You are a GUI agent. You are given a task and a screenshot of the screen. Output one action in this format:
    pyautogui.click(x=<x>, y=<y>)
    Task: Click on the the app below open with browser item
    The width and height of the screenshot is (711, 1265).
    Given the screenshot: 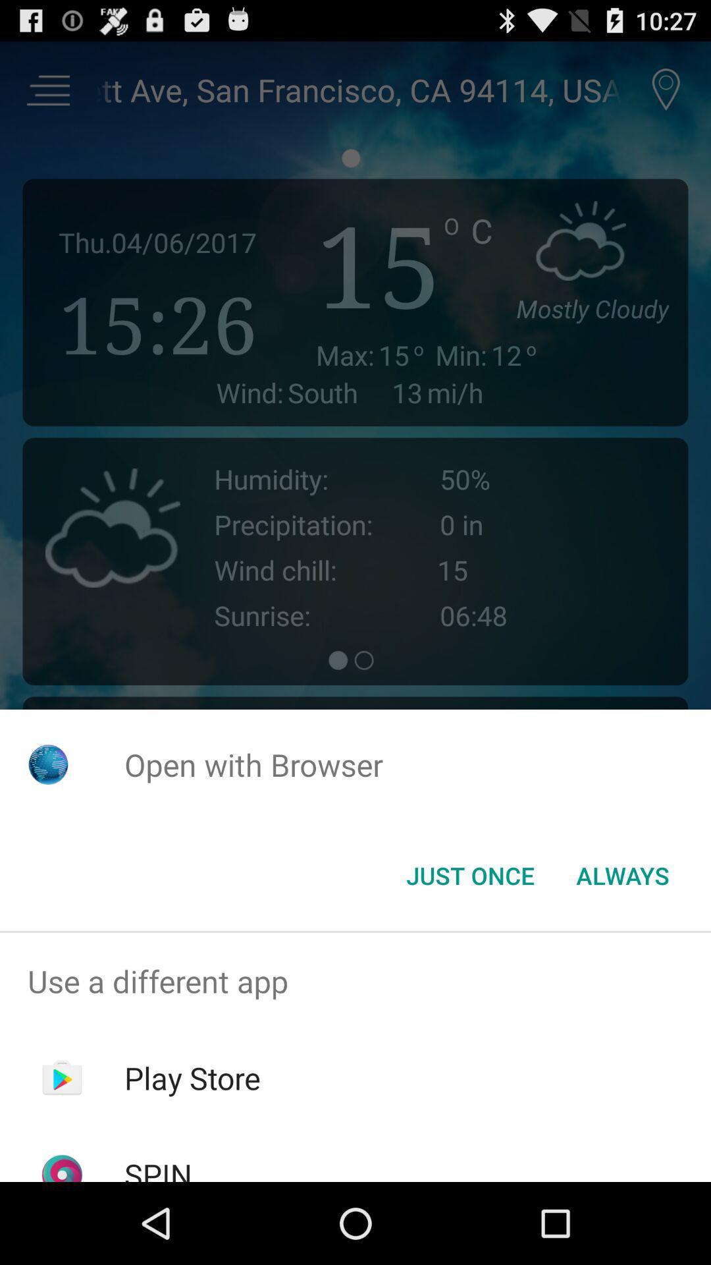 What is the action you would take?
    pyautogui.click(x=469, y=876)
    